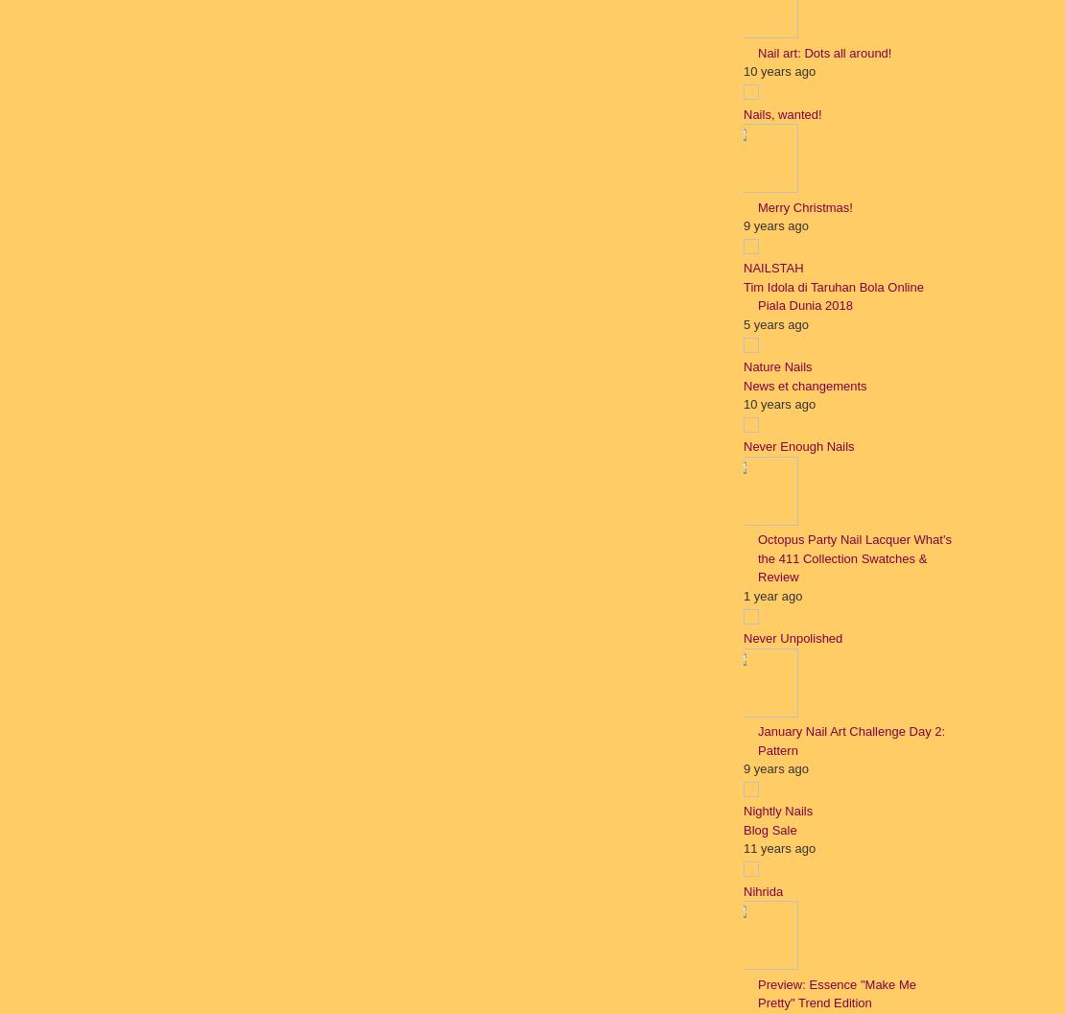 Image resolution: width=1065 pixels, height=1014 pixels. I want to click on 'Preview: Essence "Make Me Pretty" Trend Edition', so click(836, 992).